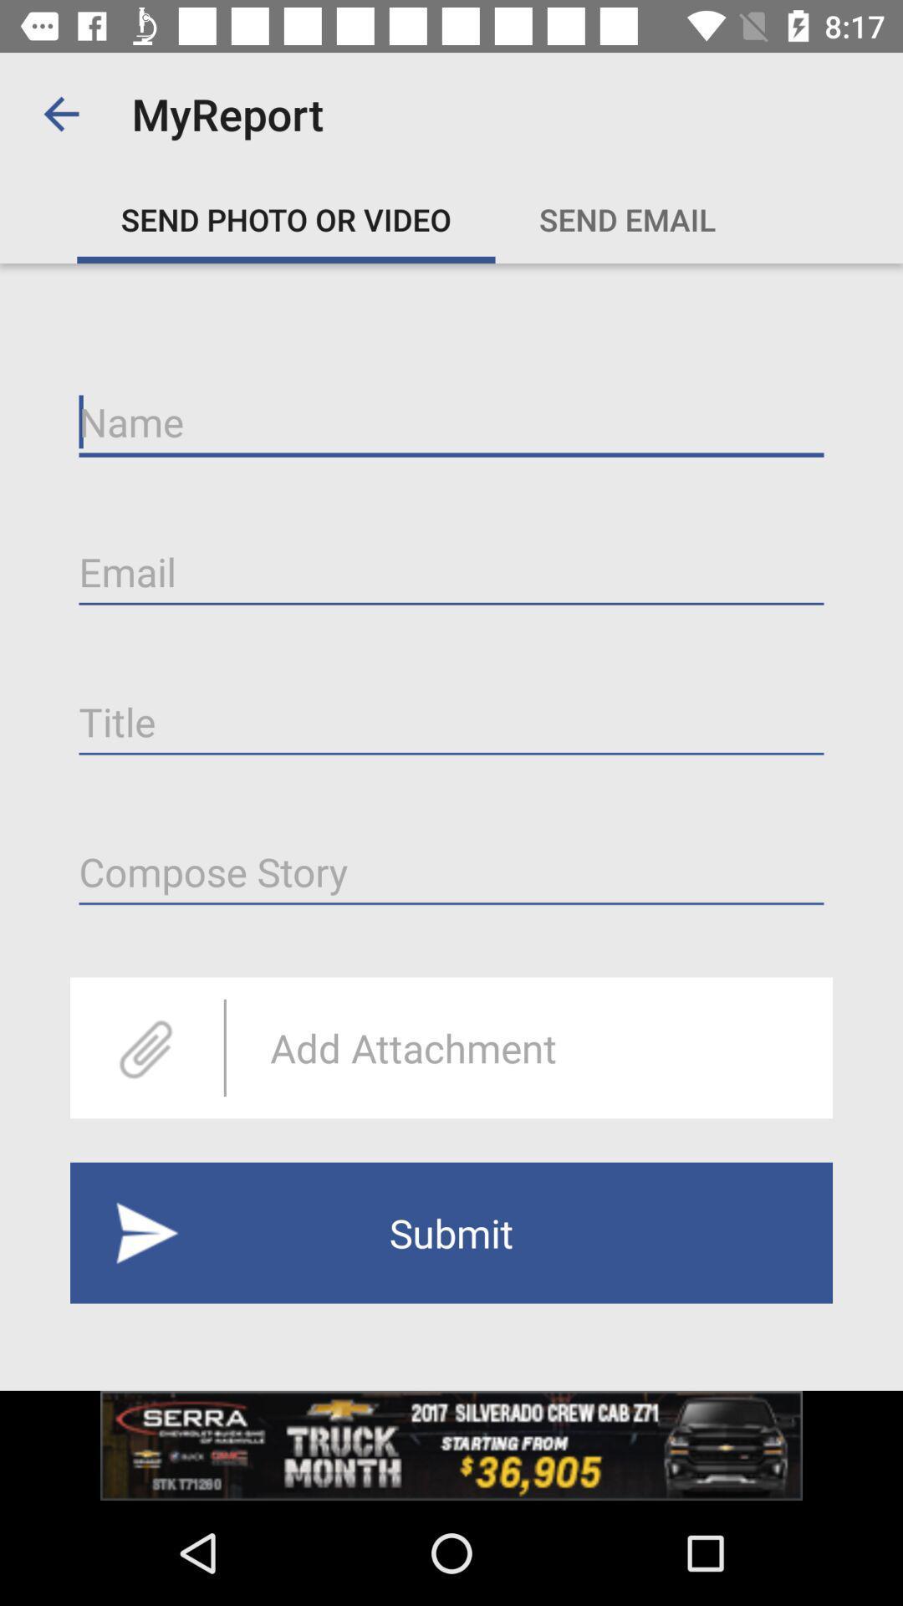 The height and width of the screenshot is (1606, 903). What do you see at coordinates (451, 422) in the screenshot?
I see `the name` at bounding box center [451, 422].